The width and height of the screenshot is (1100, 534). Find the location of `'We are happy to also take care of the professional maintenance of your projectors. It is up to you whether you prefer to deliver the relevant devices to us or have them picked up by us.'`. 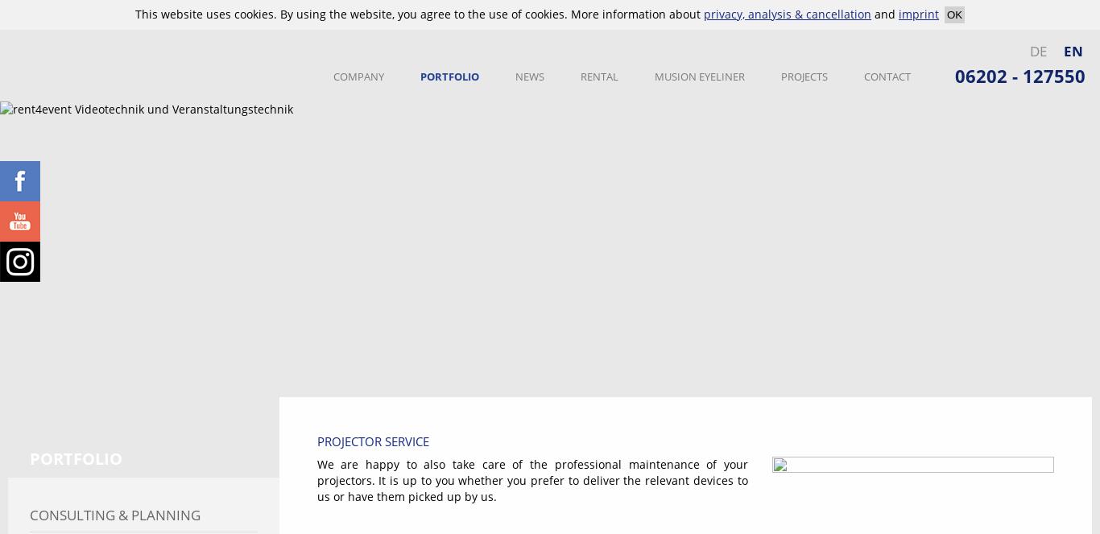

'We are happy to also take care of the professional maintenance of your projectors. It is up to you whether you prefer to deliver the relevant devices to us or have them picked up by us.' is located at coordinates (531, 479).